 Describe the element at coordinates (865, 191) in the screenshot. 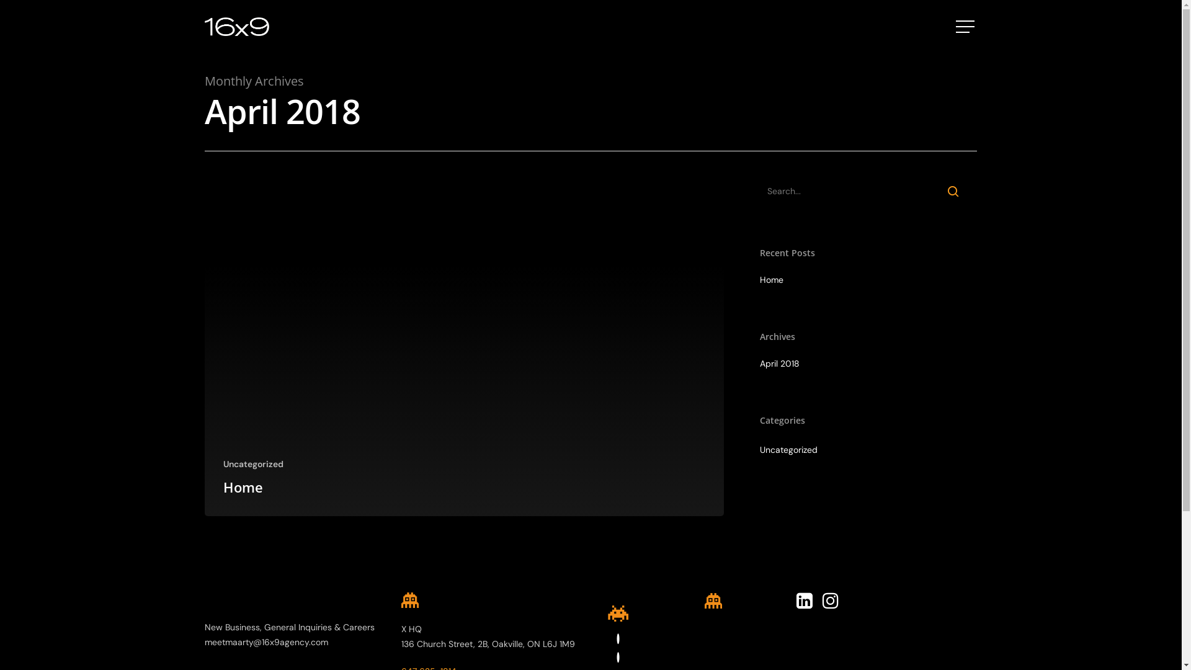

I see `'Search for:'` at that location.